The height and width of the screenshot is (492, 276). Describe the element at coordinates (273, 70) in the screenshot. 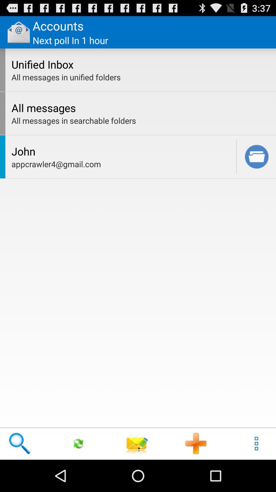

I see `item next to the unified inbox` at that location.